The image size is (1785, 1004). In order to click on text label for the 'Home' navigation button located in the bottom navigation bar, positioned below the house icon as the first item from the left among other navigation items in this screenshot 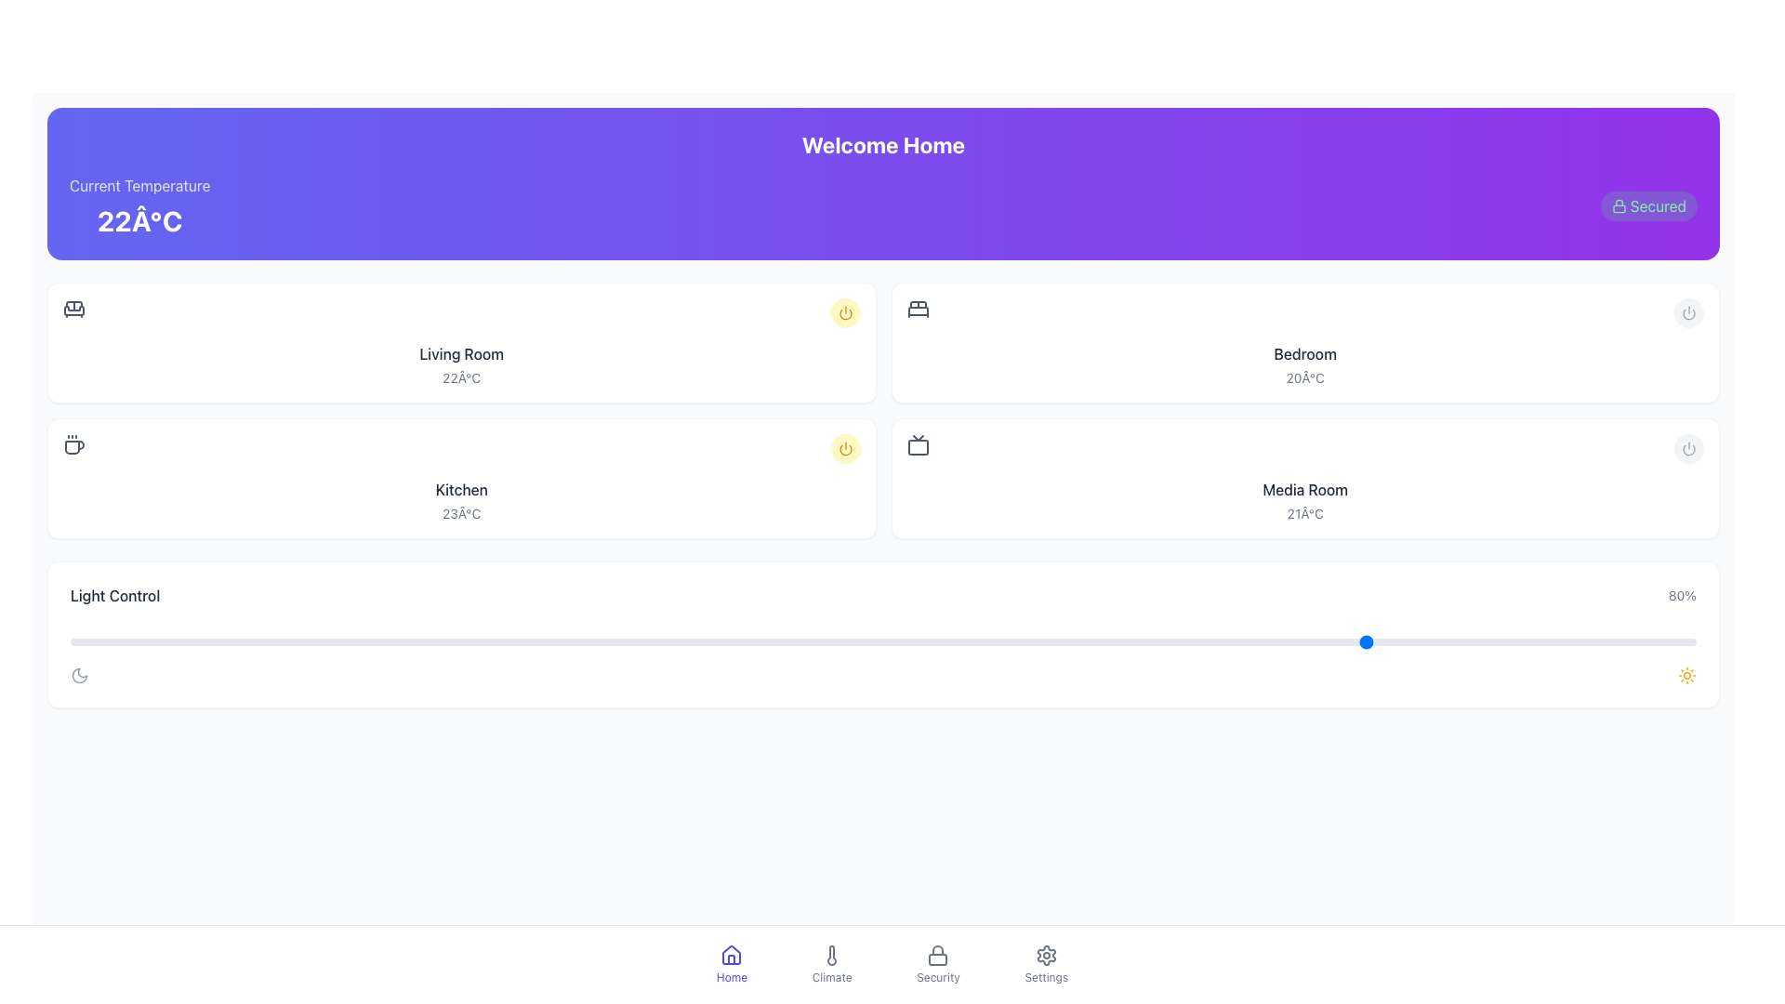, I will do `click(731, 977)`.